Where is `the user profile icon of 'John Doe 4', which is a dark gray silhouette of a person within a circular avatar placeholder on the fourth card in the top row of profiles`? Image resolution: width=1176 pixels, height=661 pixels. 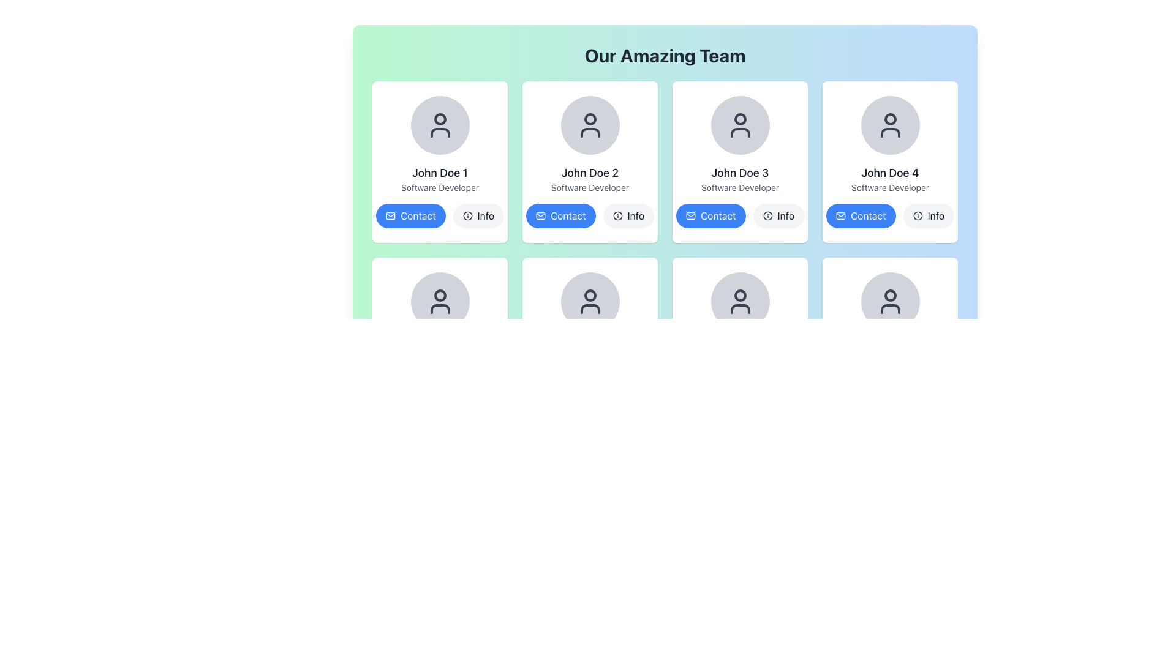
the user profile icon of 'John Doe 4', which is a dark gray silhouette of a person within a circular avatar placeholder on the fourth card in the top row of profiles is located at coordinates (890, 125).